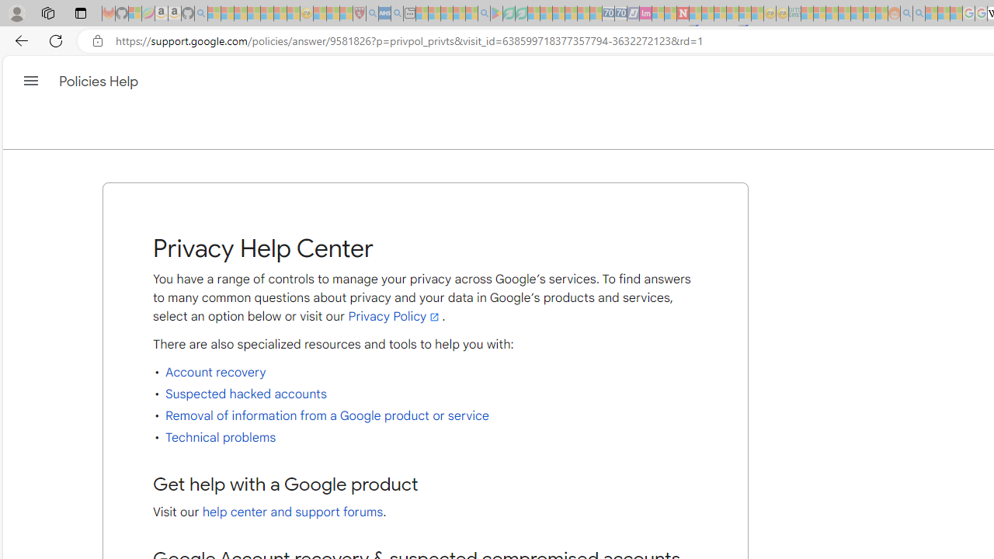 This screenshot has width=994, height=559. Describe the element at coordinates (292, 512) in the screenshot. I see `'help center and support forums'` at that location.